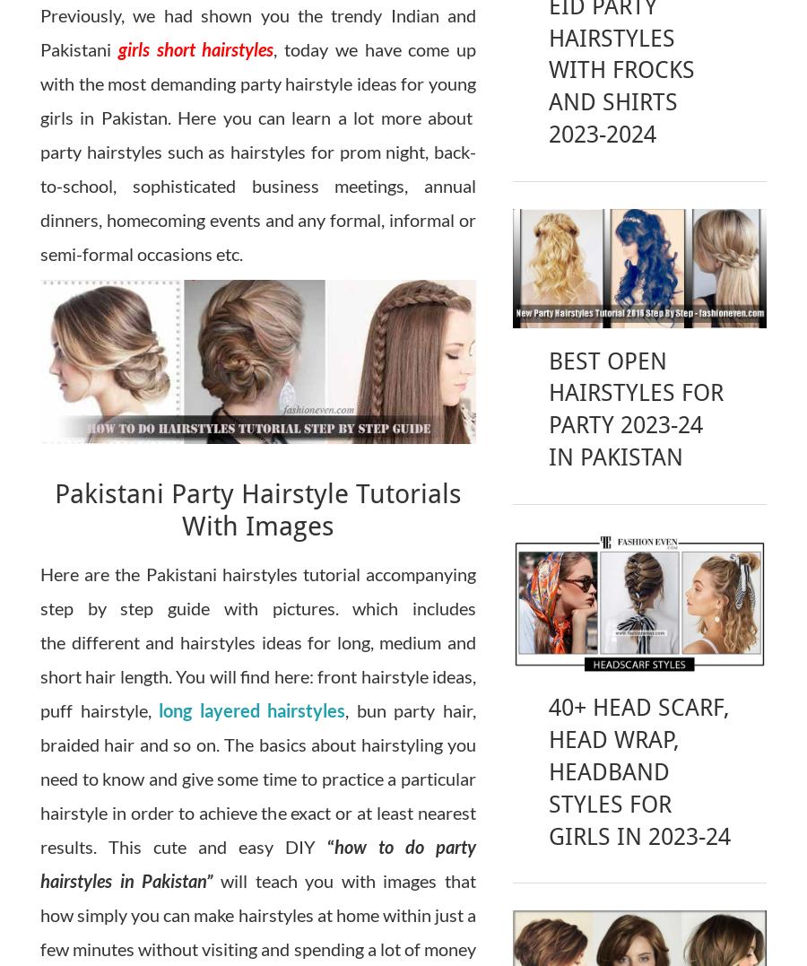  Describe the element at coordinates (39, 150) in the screenshot. I see `', today we have come up with the most demanding party hairstyle ideas for young girls in Pakistan. Here you can learn a lot more about  party hairstyles such as hairstyles for prom night, back-to-school, sophisticated business meetings, annual dinners, homecoming events and any formal, informal or semi-formal occasions etc.'` at that location.